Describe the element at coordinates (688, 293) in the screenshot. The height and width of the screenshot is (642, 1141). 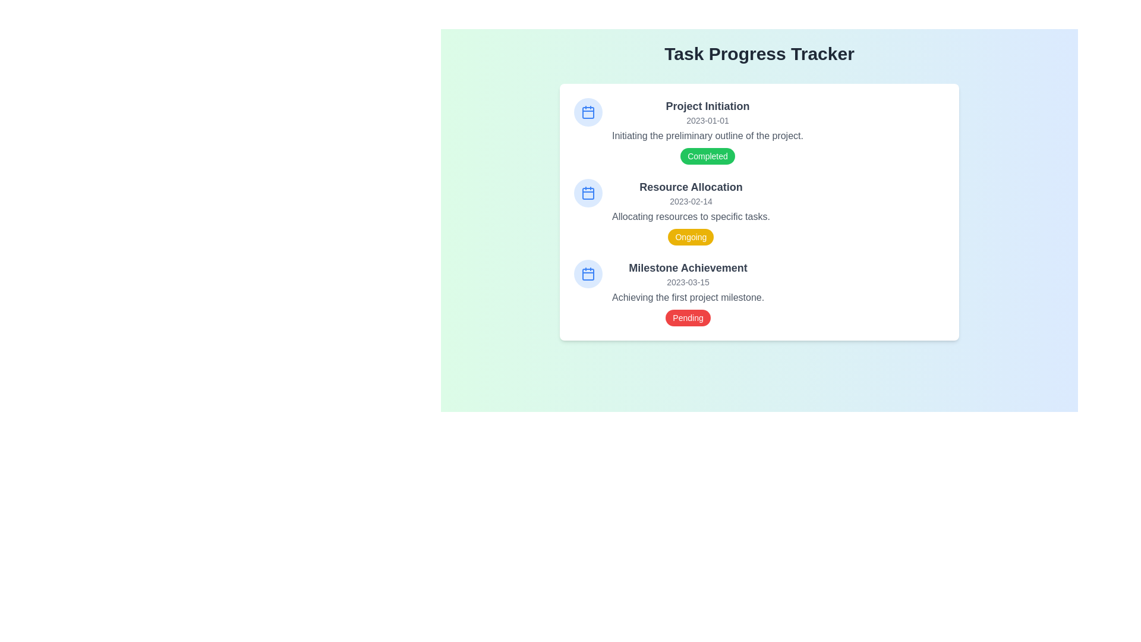
I see `the bottom-most 'Milestone Achievement' text block element that displays the status and relevant details of the task` at that location.